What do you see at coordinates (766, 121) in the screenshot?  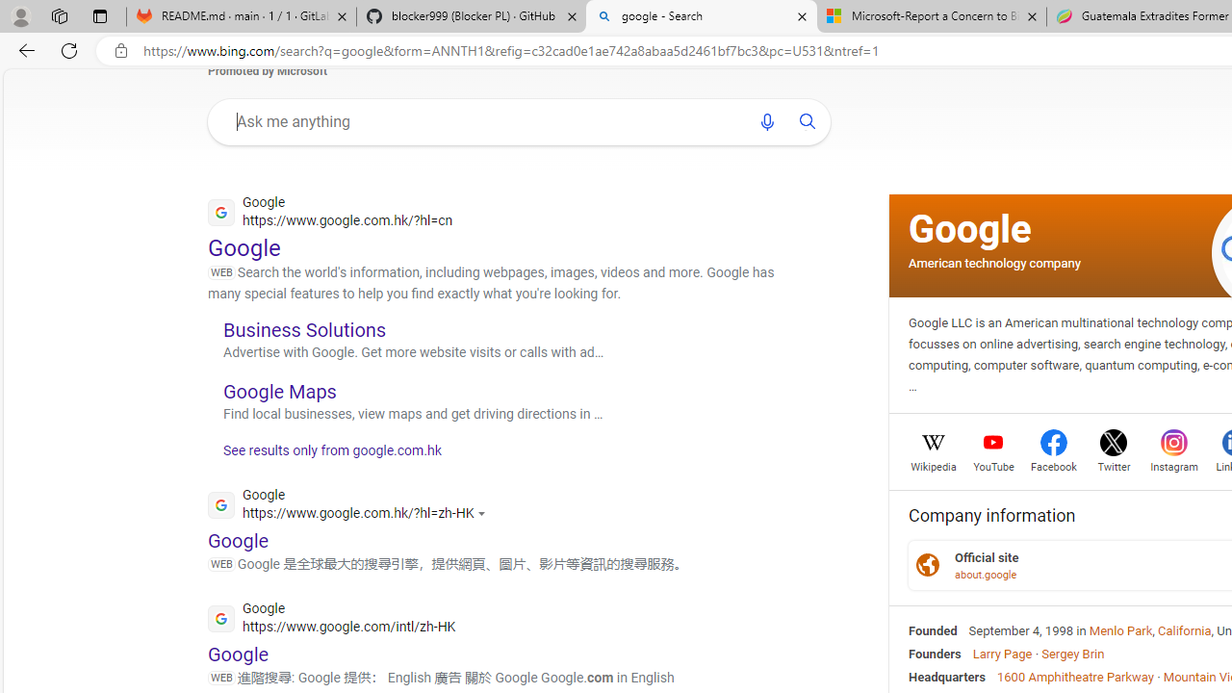 I see `'Search using voice'` at bounding box center [766, 121].